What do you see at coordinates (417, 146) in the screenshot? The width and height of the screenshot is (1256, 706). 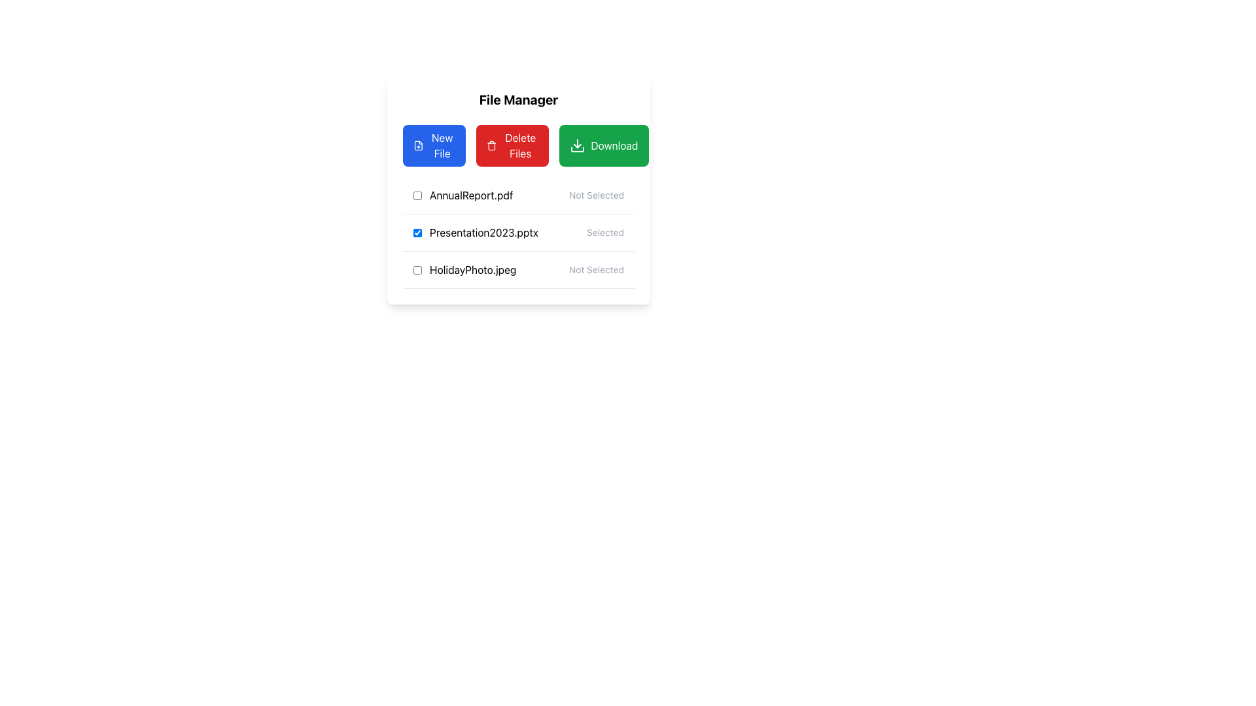 I see `the 'New File' button which contains a blue document icon with a '+' symbol, positioned at the top-left corner of the 'File Manager' interface` at bounding box center [417, 146].